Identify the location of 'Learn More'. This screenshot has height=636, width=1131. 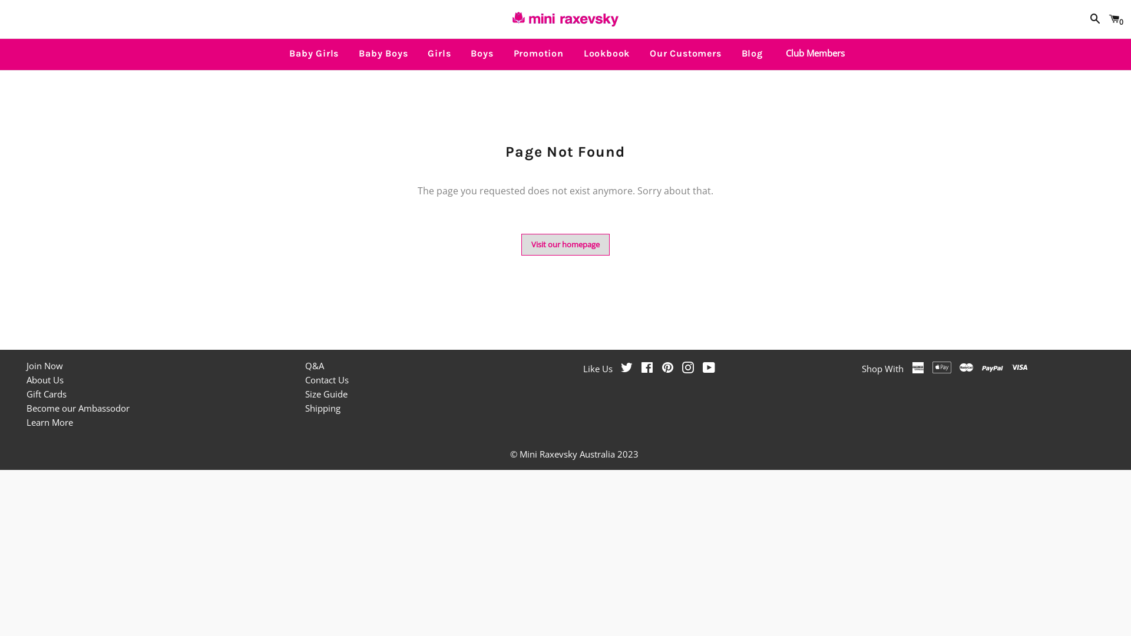
(49, 422).